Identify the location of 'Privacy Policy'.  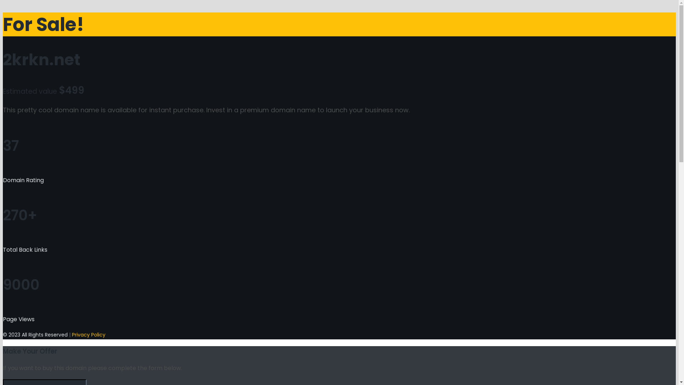
(88, 334).